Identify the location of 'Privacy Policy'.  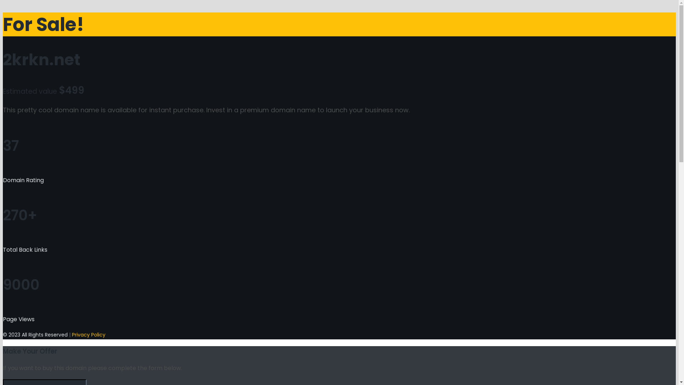
(88, 334).